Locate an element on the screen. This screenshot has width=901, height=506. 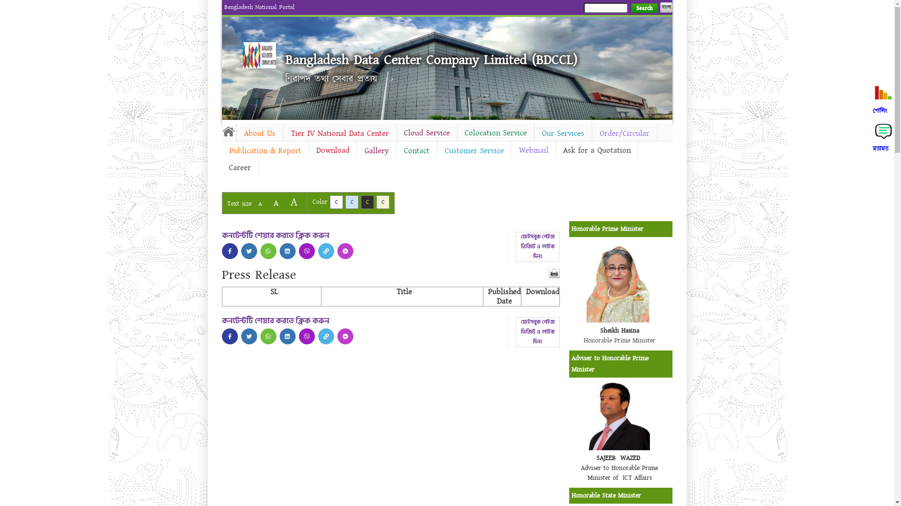
'C' is located at coordinates (383, 201).